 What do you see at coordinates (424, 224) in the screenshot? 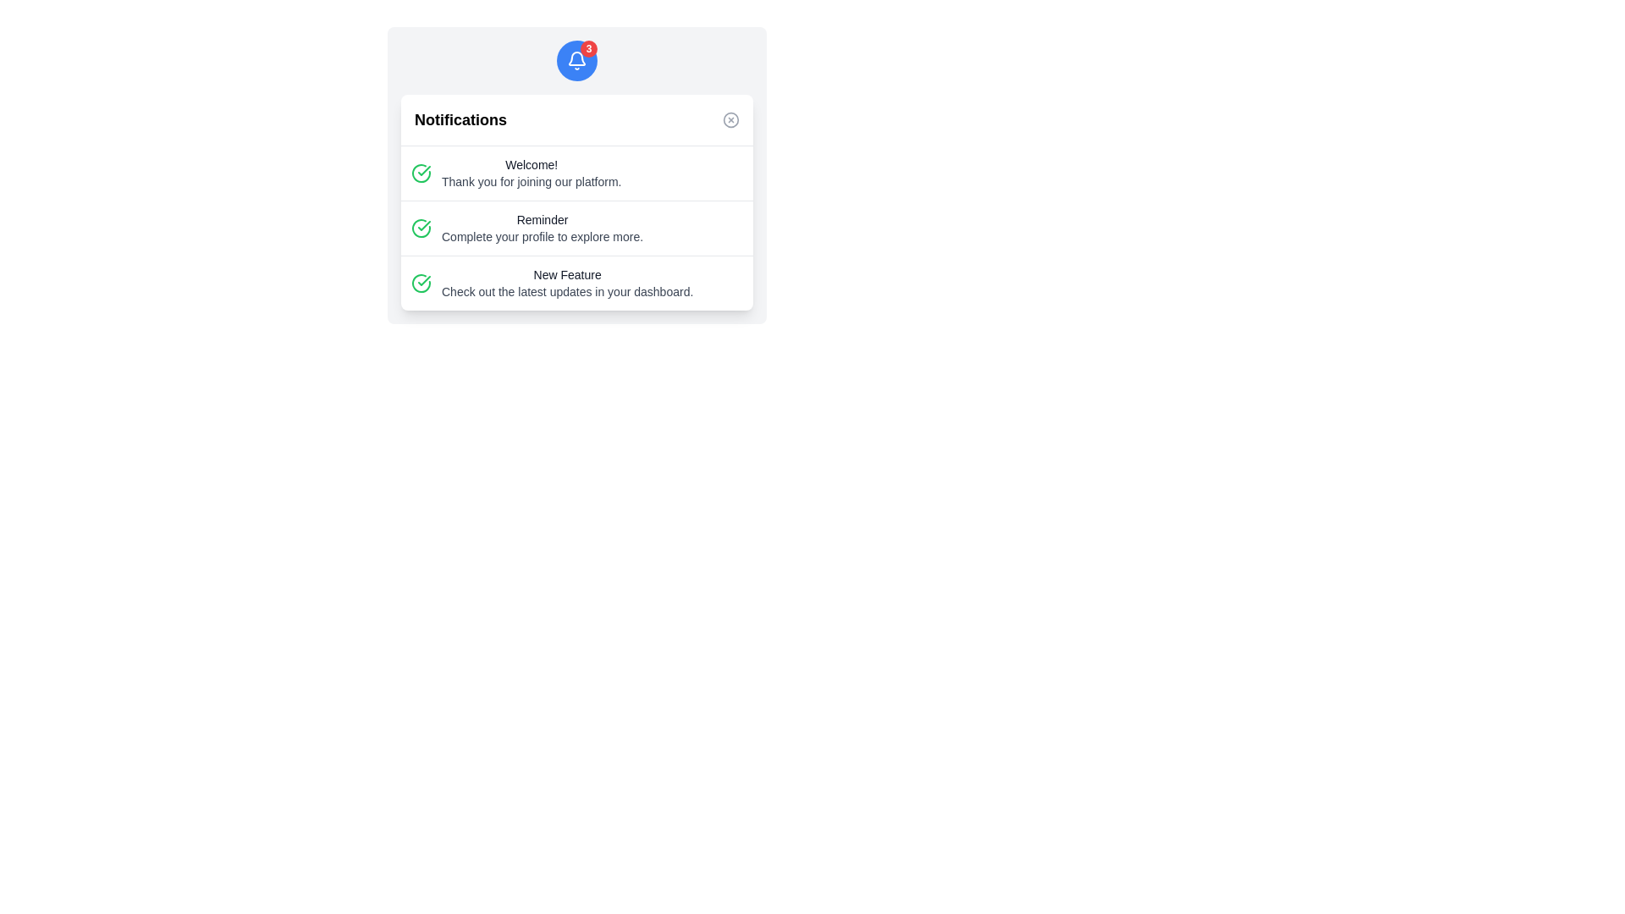
I see `the circular icon indicating a successful status of the notification message located to the left of the 'Welcome!' notification in the Notifications panel` at bounding box center [424, 224].